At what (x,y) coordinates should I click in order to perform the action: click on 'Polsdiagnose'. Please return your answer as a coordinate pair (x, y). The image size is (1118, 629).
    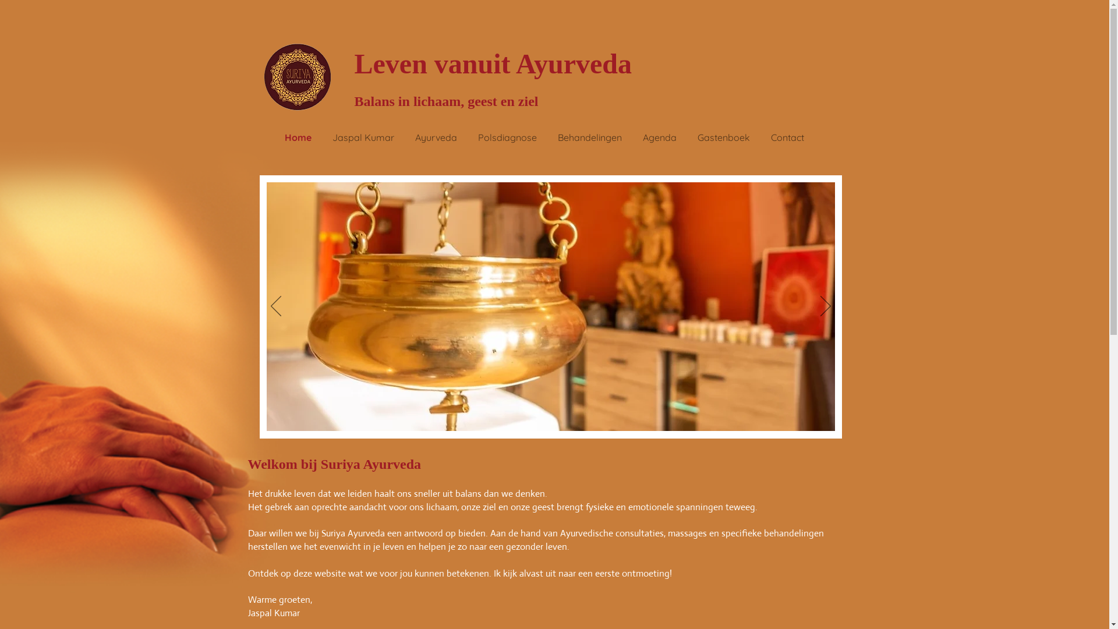
    Looking at the image, I should click on (467, 136).